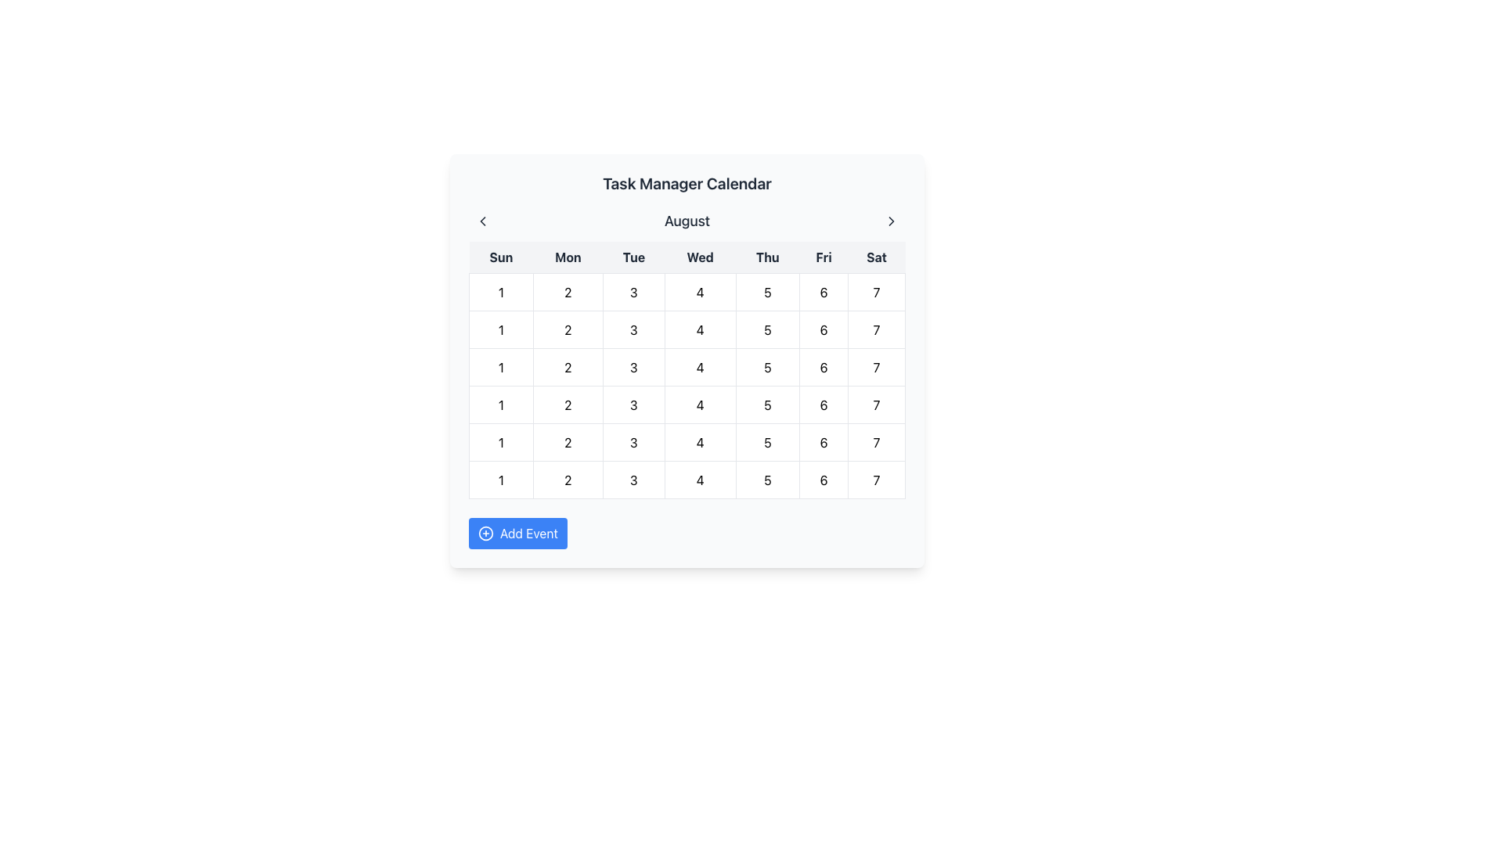 The width and height of the screenshot is (1503, 845). Describe the element at coordinates (875, 479) in the screenshot. I see `the date selection button marked '7' located at the bottom-right corner of the calendar grid under the 'Saturday' column` at that location.